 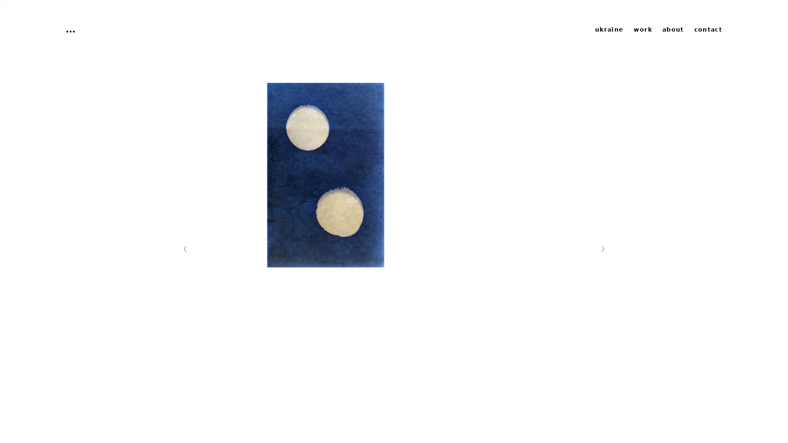 I want to click on Nachste Folie, so click(x=602, y=248).